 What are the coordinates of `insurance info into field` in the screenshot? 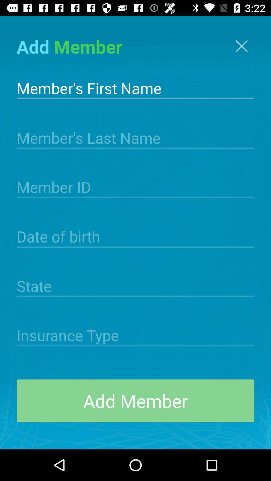 It's located at (135, 335).